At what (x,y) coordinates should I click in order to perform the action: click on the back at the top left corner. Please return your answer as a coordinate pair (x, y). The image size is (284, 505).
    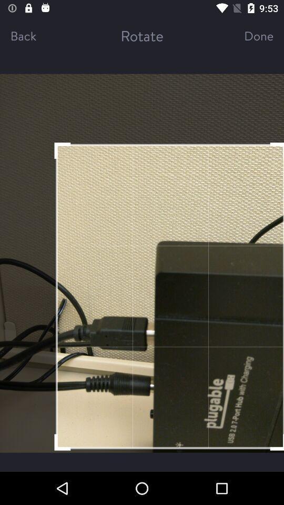
    Looking at the image, I should click on (34, 35).